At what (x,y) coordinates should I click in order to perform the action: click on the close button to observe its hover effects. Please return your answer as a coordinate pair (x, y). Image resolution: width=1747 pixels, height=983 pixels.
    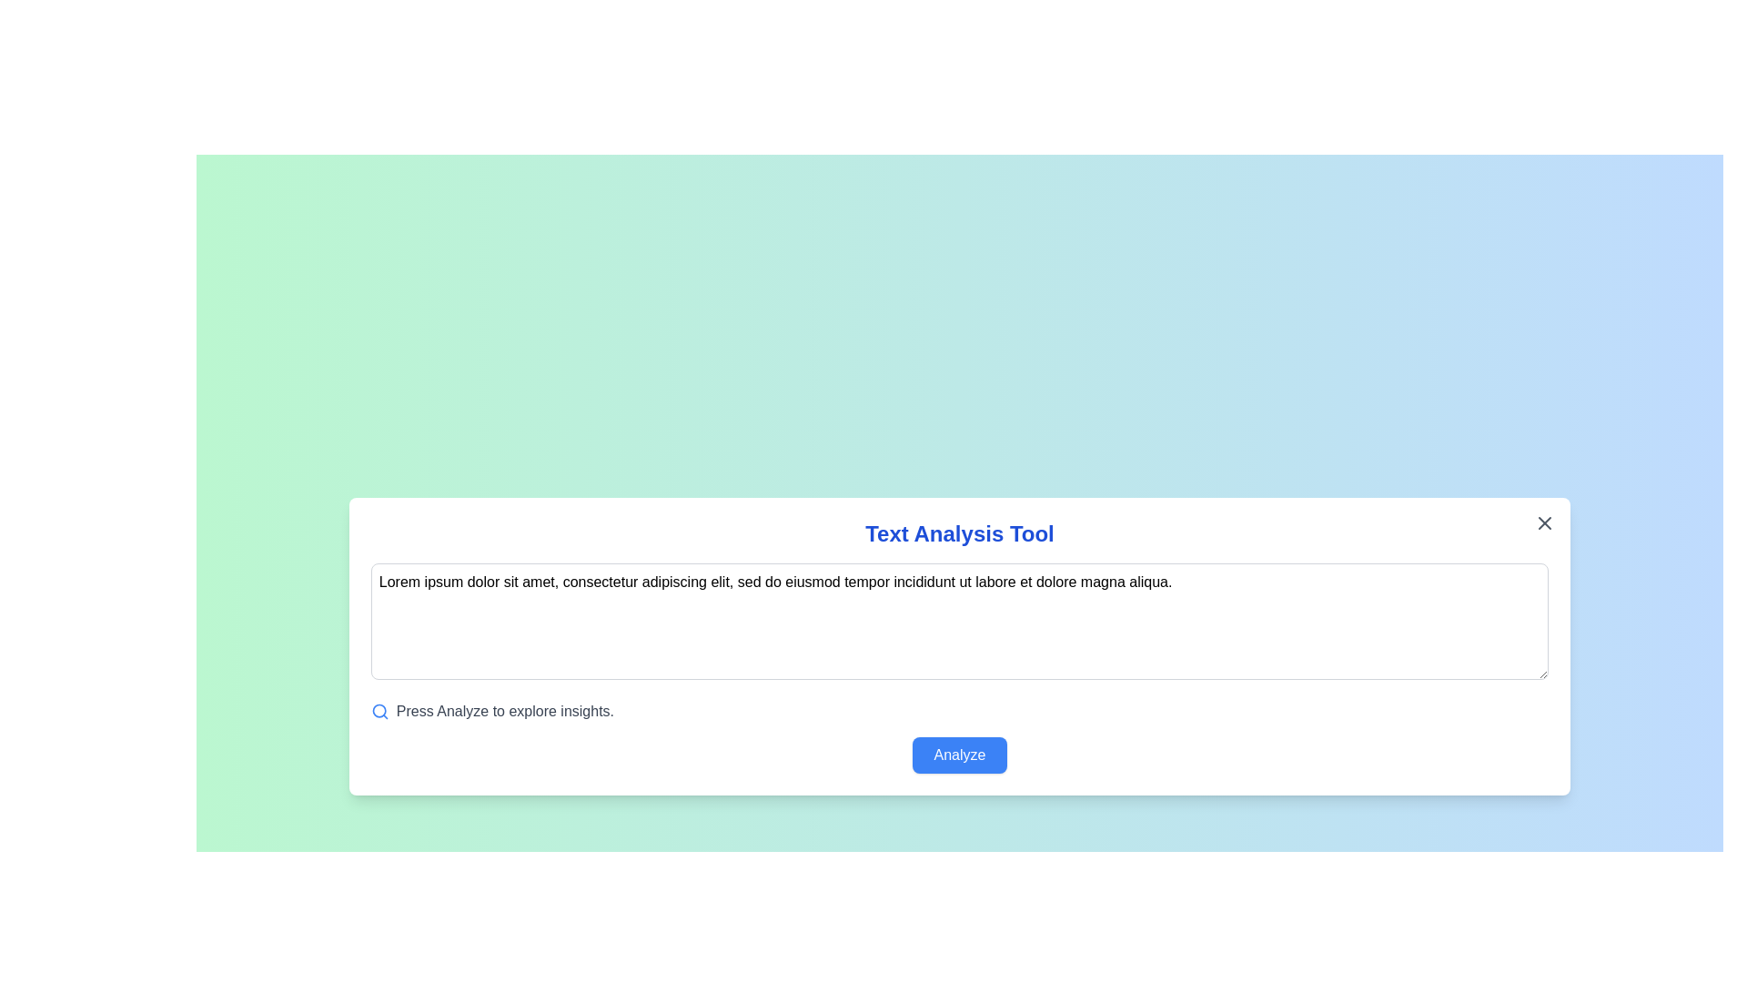
    Looking at the image, I should click on (1544, 522).